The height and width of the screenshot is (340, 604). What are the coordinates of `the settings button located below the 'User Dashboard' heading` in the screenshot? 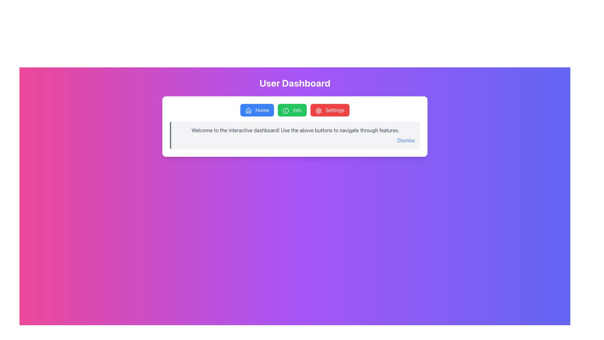 It's located at (329, 110).